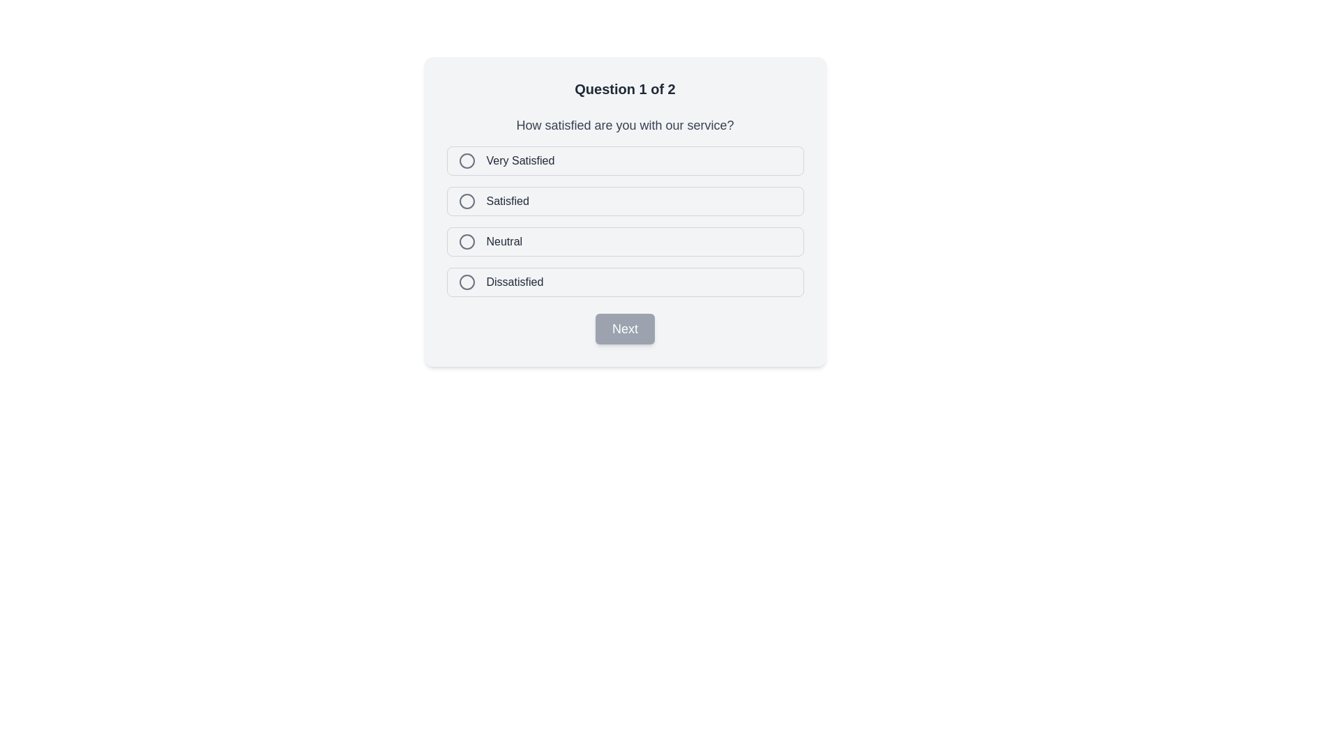  What do you see at coordinates (624, 282) in the screenshot?
I see `the radio button option labeled 'Dissatisfied'` at bounding box center [624, 282].